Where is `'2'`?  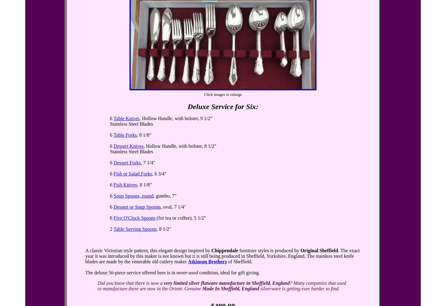
'2' is located at coordinates (111, 229).